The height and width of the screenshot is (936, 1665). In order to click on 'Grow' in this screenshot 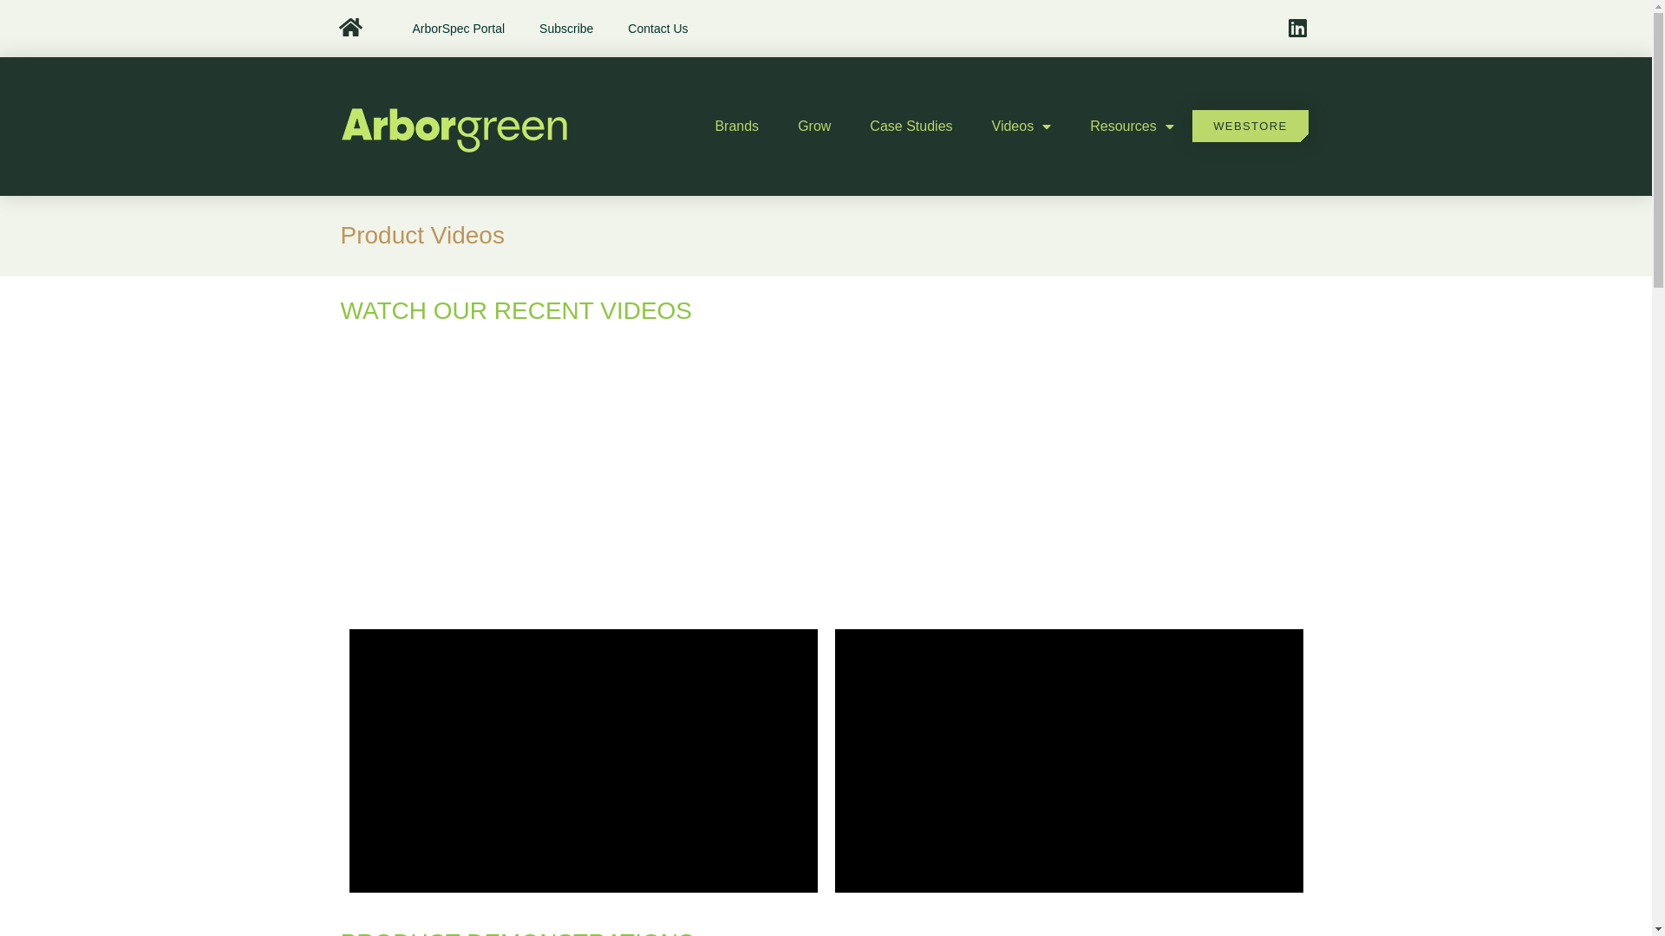, I will do `click(813, 126)`.